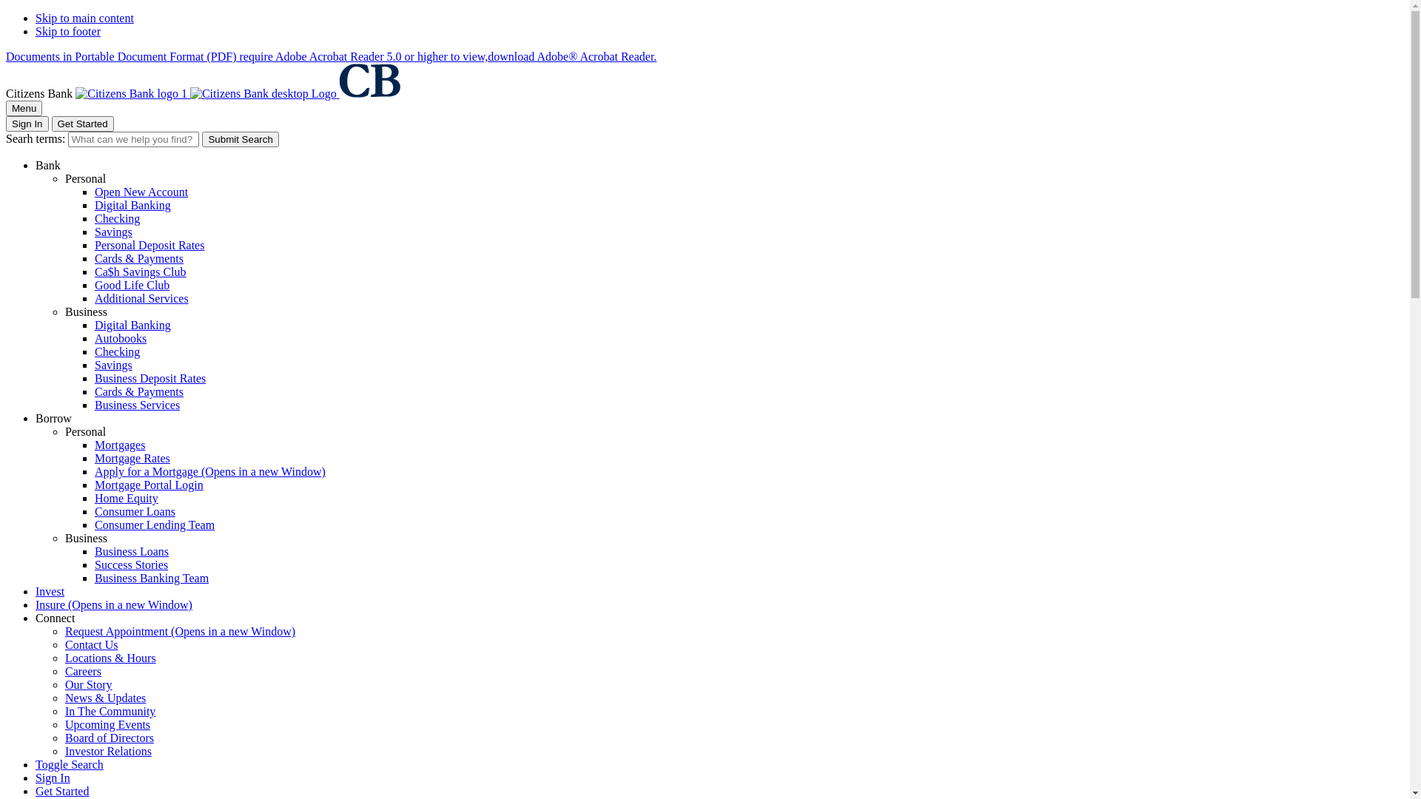  Describe the element at coordinates (141, 298) in the screenshot. I see `'Additional Services'` at that location.